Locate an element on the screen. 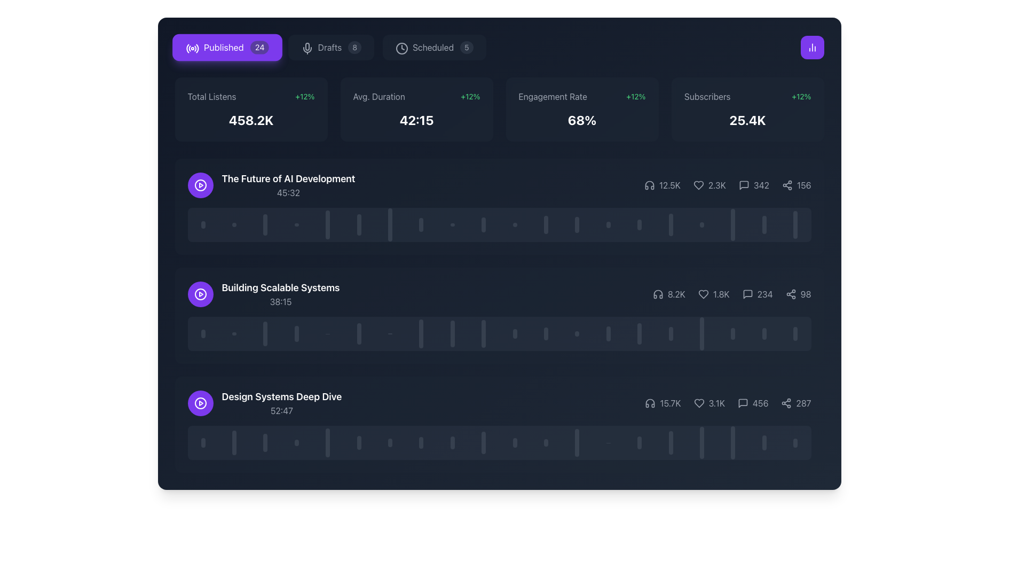 The height and width of the screenshot is (577, 1025). the Share Icon located in the bottom-right corner next to the numerical text '287' is located at coordinates (786, 403).